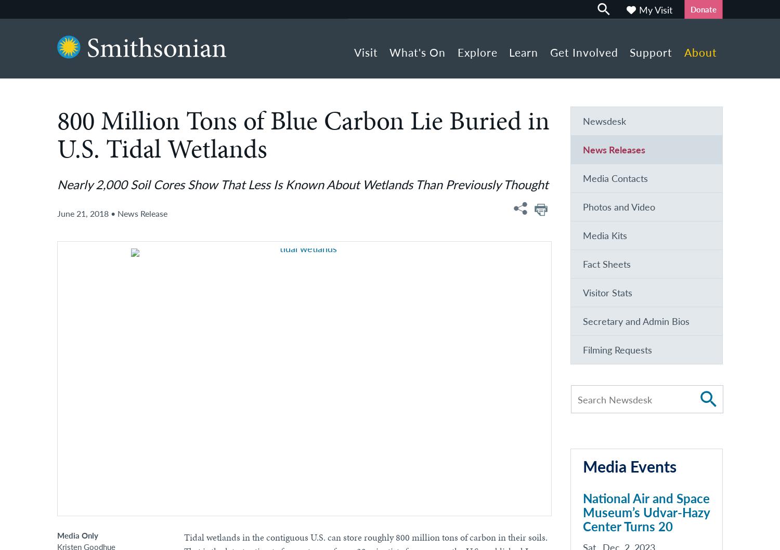  What do you see at coordinates (615, 178) in the screenshot?
I see `'Media Contacts'` at bounding box center [615, 178].